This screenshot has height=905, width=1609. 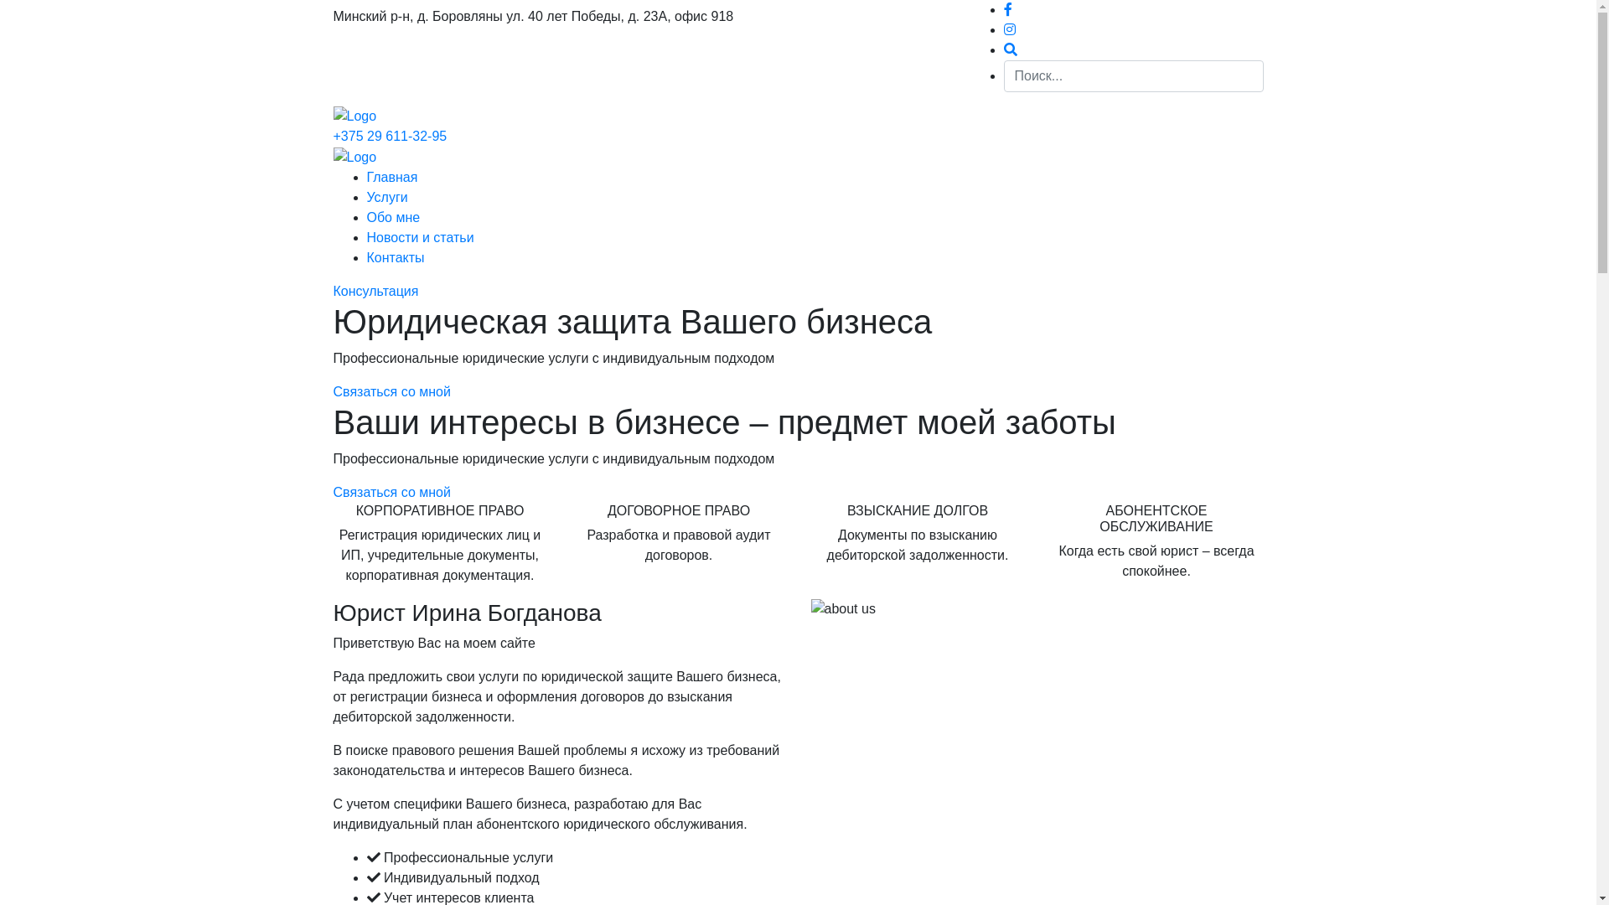 I want to click on '+375 29 611-32-95', so click(x=389, y=135).